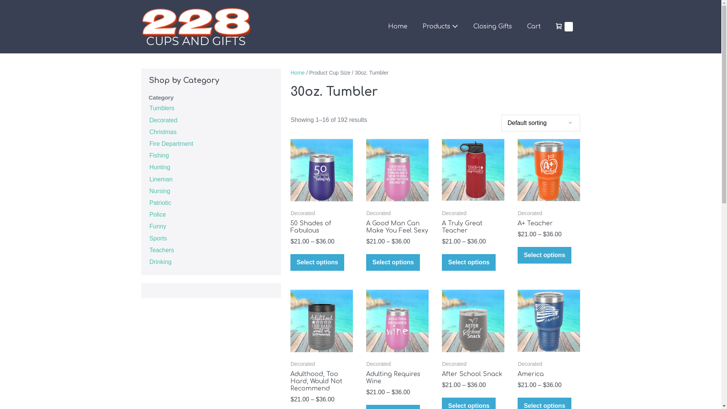 This screenshot has height=409, width=727. Describe the element at coordinates (159, 190) in the screenshot. I see `'Nursing'` at that location.